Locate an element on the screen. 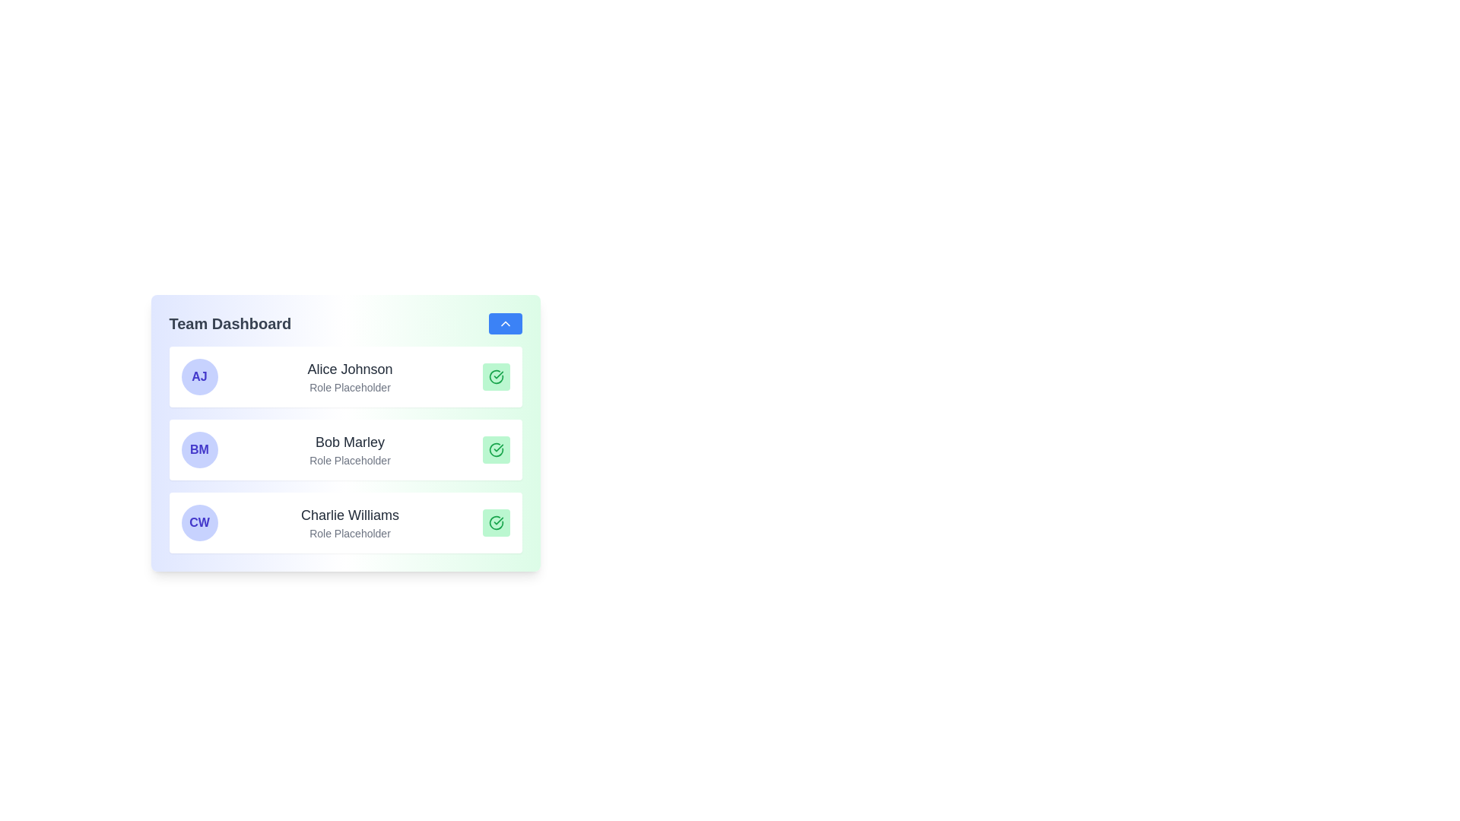 The image size is (1460, 821). text content of the 'Role Placeholder' label, which is a small gray text positioned beneath the title 'Bob Marley' in a vertically stacked list is located at coordinates (349, 459).